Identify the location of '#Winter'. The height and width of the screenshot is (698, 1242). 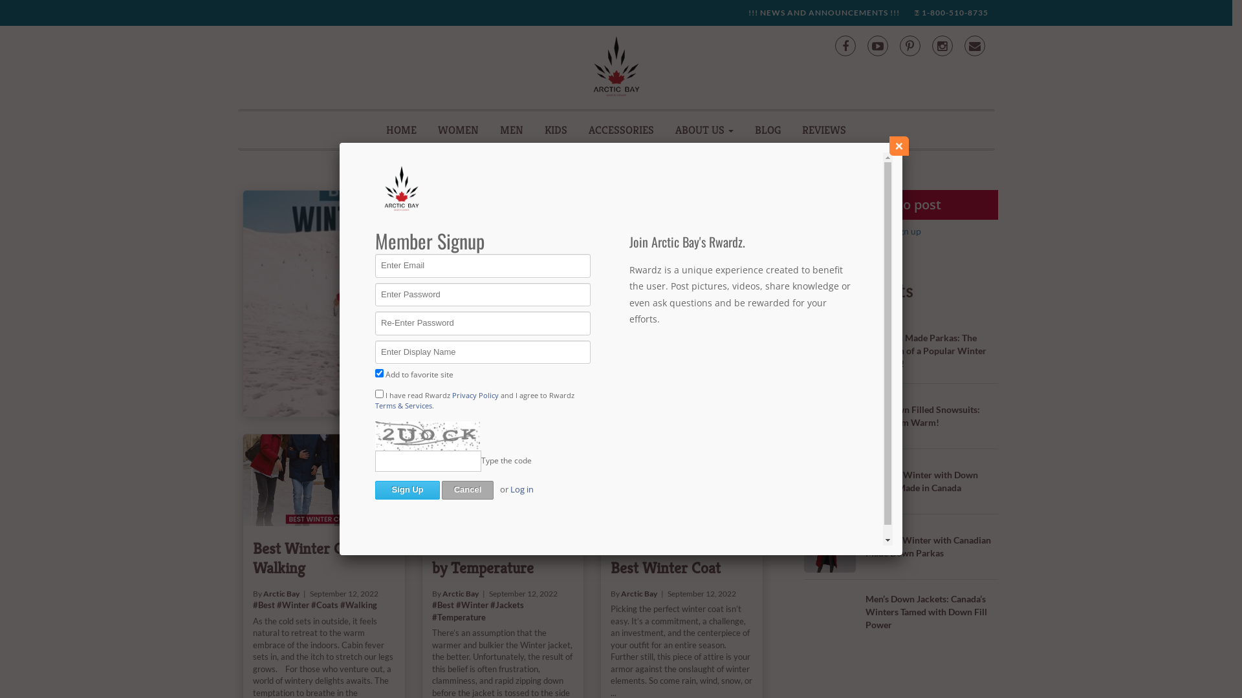
(292, 605).